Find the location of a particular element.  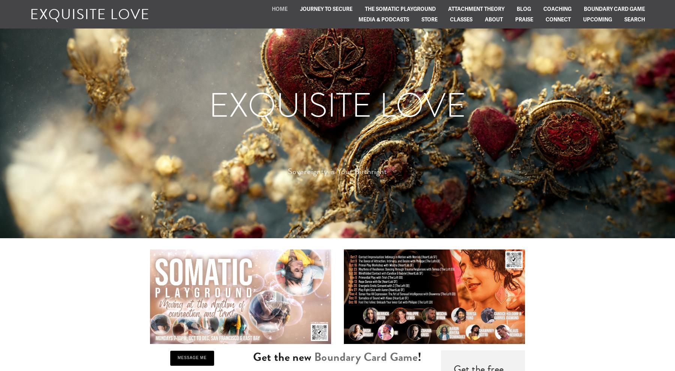

'Home' is located at coordinates (279, 9).